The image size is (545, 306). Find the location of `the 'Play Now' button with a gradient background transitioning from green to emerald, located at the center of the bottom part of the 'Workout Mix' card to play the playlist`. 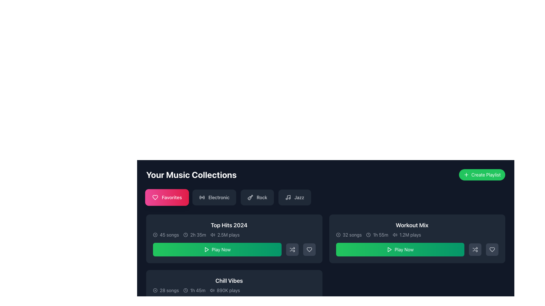

the 'Play Now' button with a gradient background transitioning from green to emerald, located at the center of the bottom part of the 'Workout Mix' card to play the playlist is located at coordinates (417, 249).